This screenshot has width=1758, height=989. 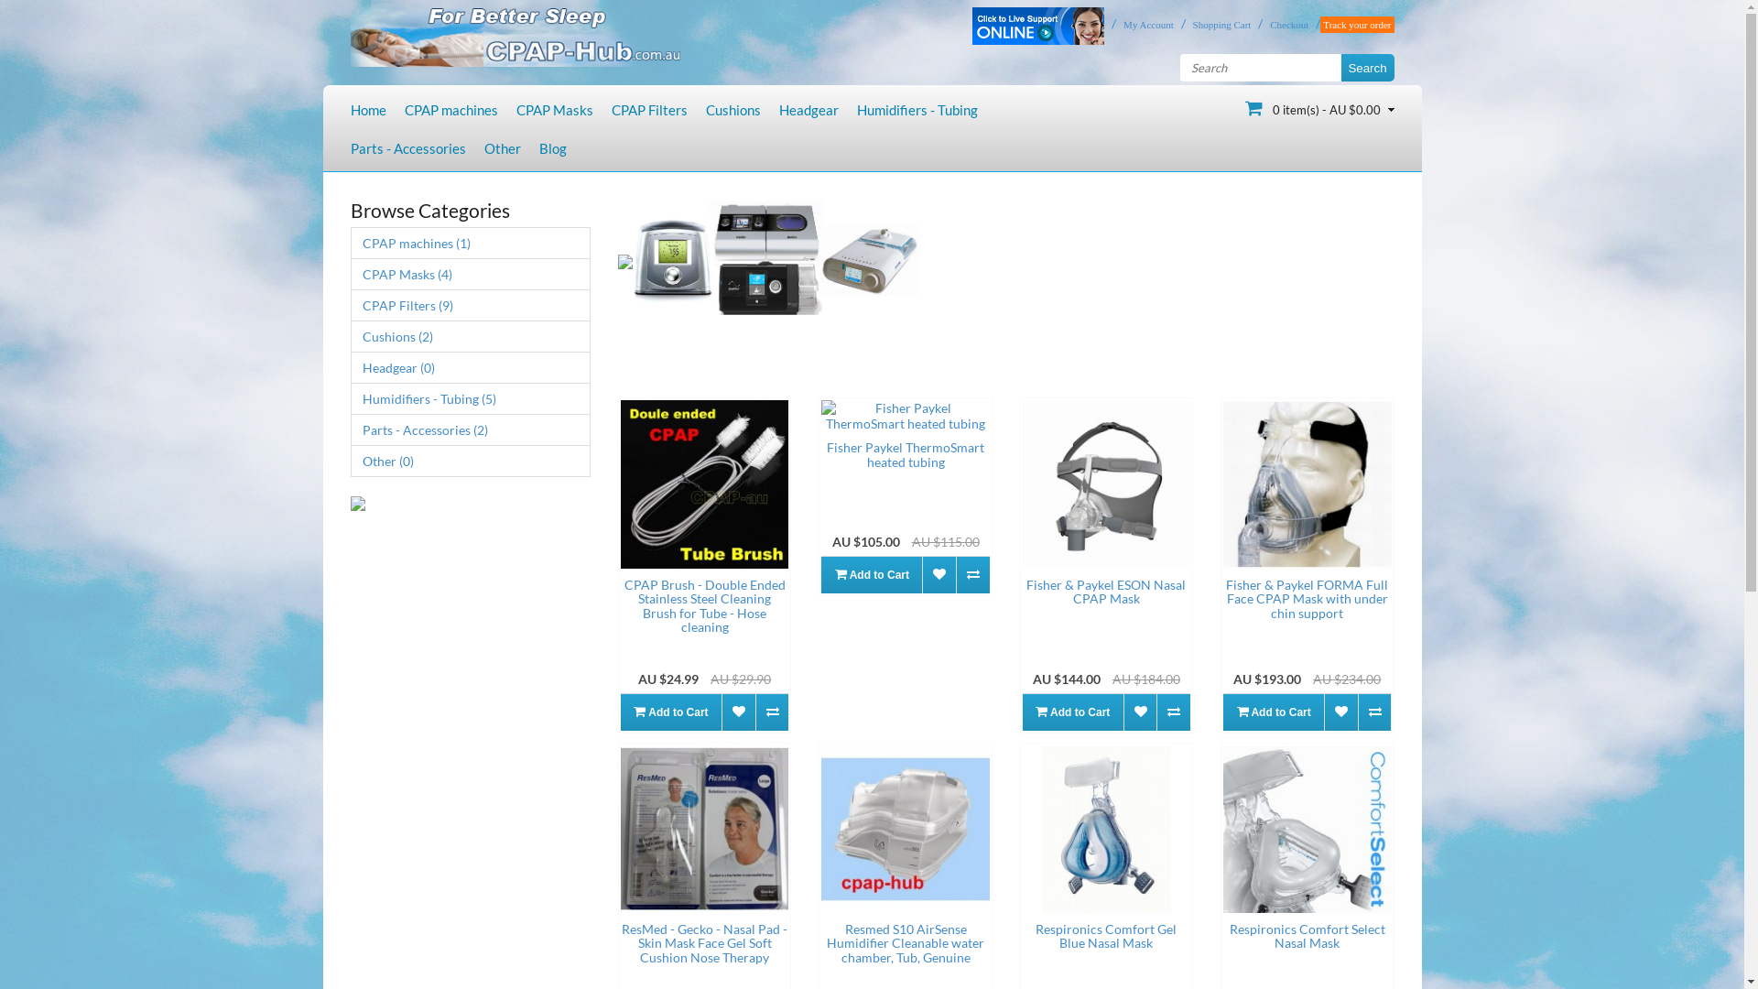 I want to click on 'Checkout', so click(x=1261, y=25).